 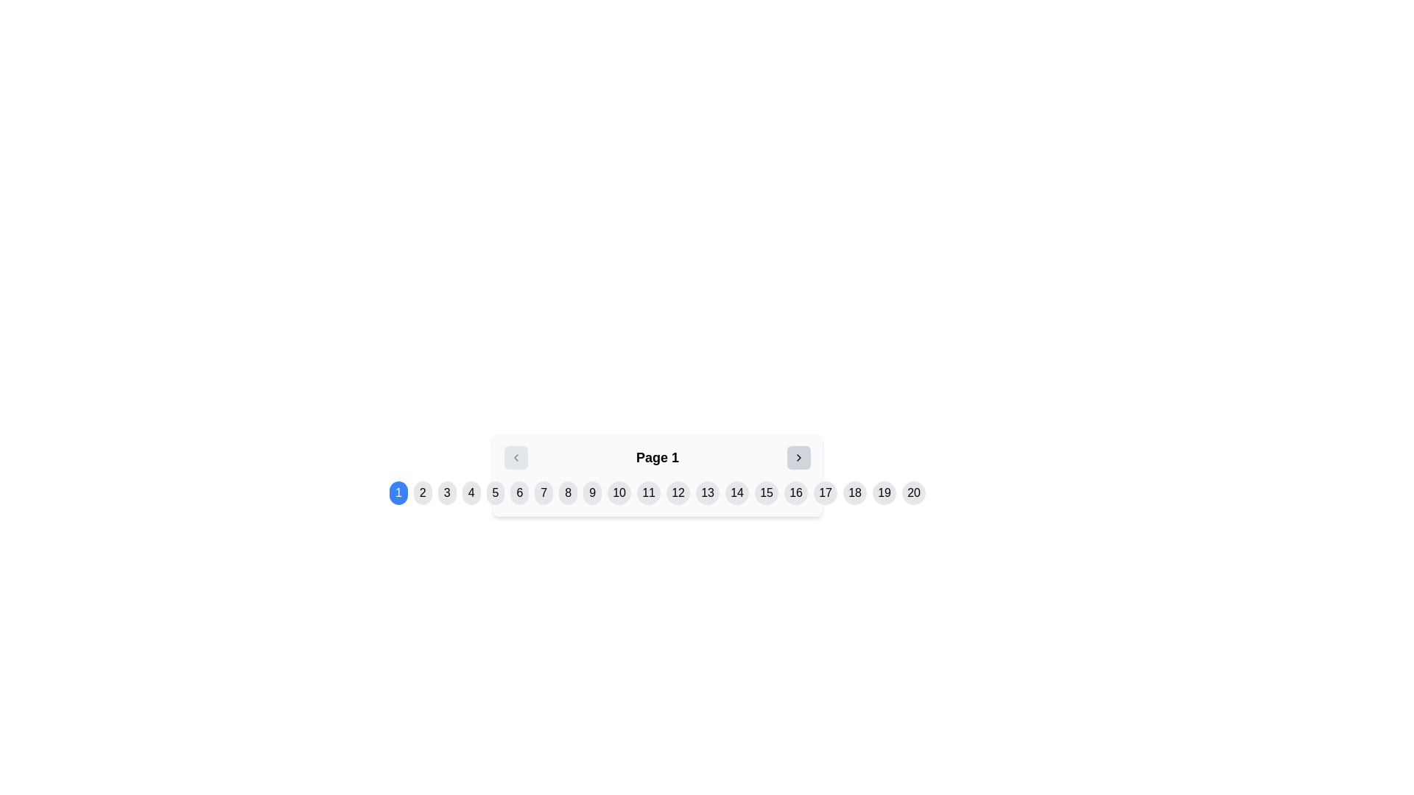 I want to click on the circular button with a gray background containing the text '19' for keyboard-based interaction, so click(x=884, y=493).